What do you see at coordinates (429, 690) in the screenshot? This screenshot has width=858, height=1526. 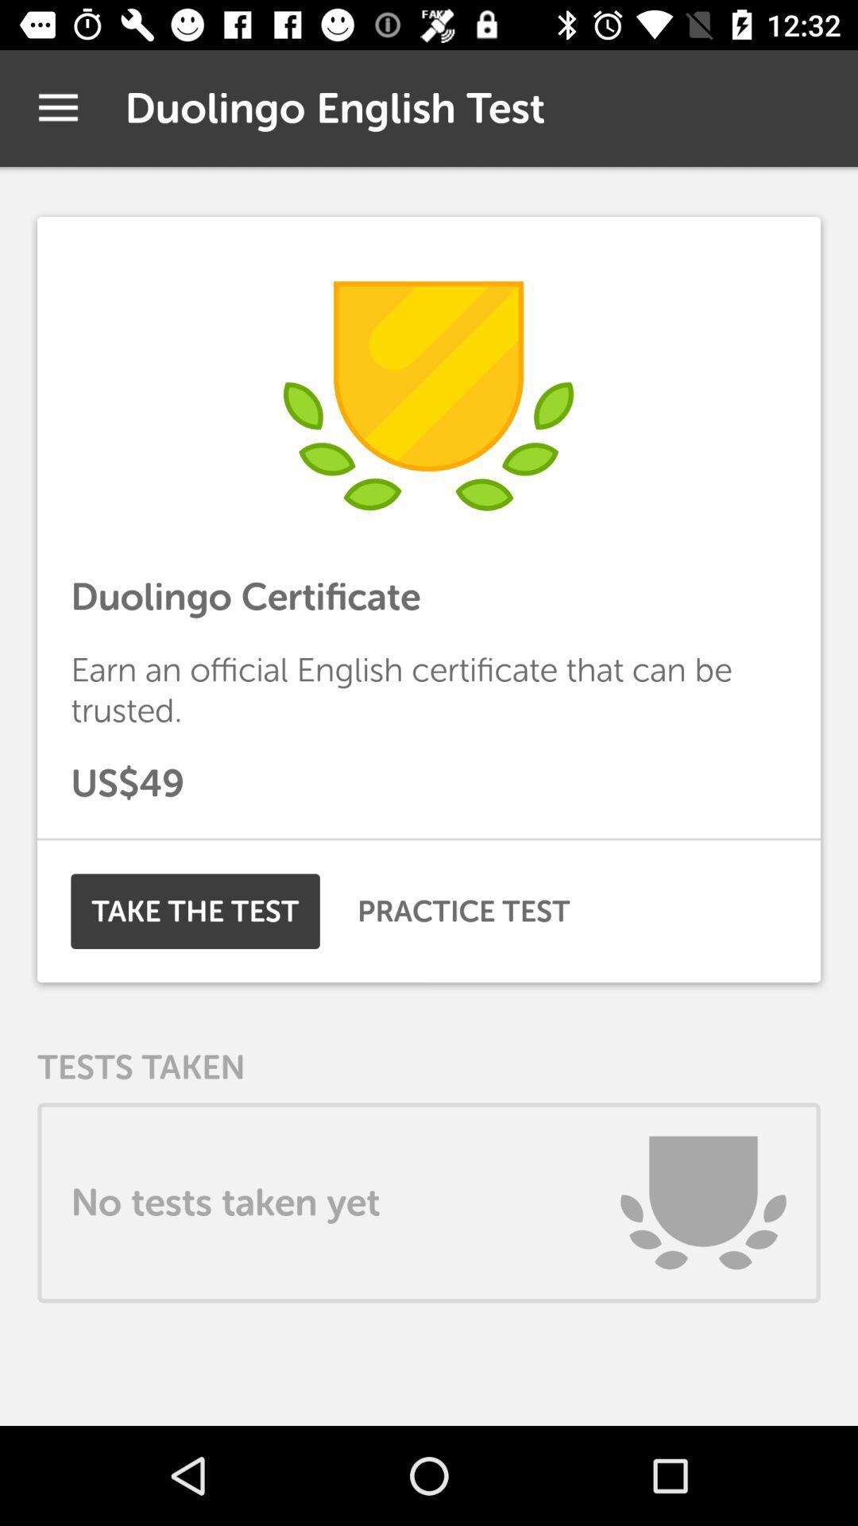 I see `the icon above us$49 item` at bounding box center [429, 690].